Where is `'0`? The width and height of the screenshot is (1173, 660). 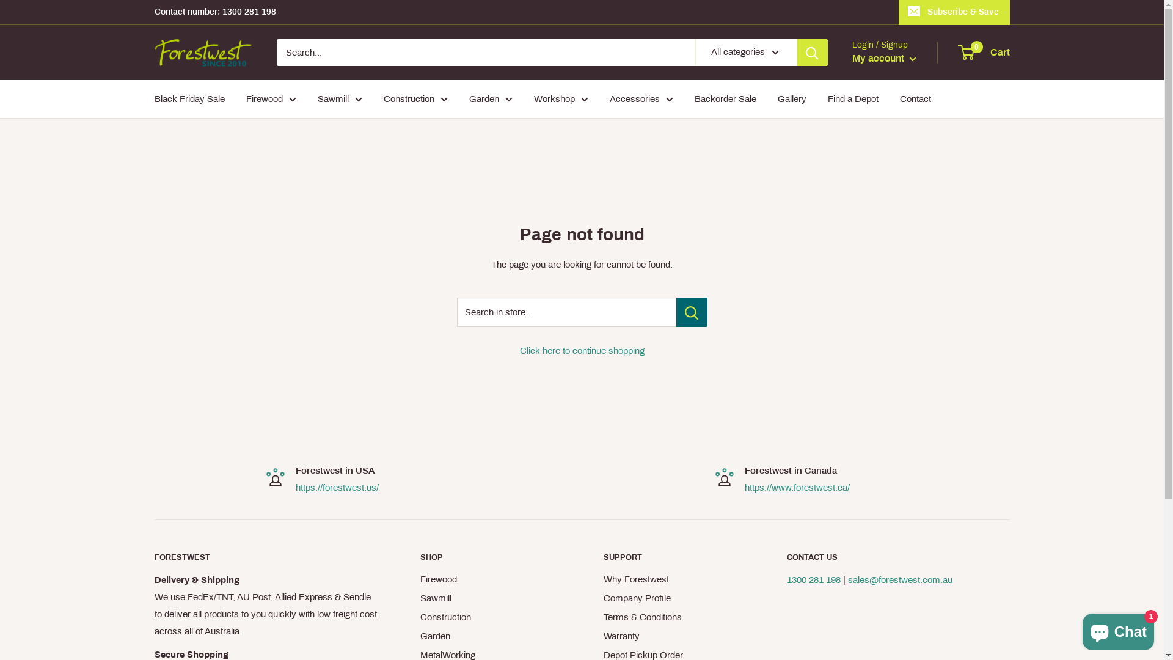 '0 is located at coordinates (958, 51).